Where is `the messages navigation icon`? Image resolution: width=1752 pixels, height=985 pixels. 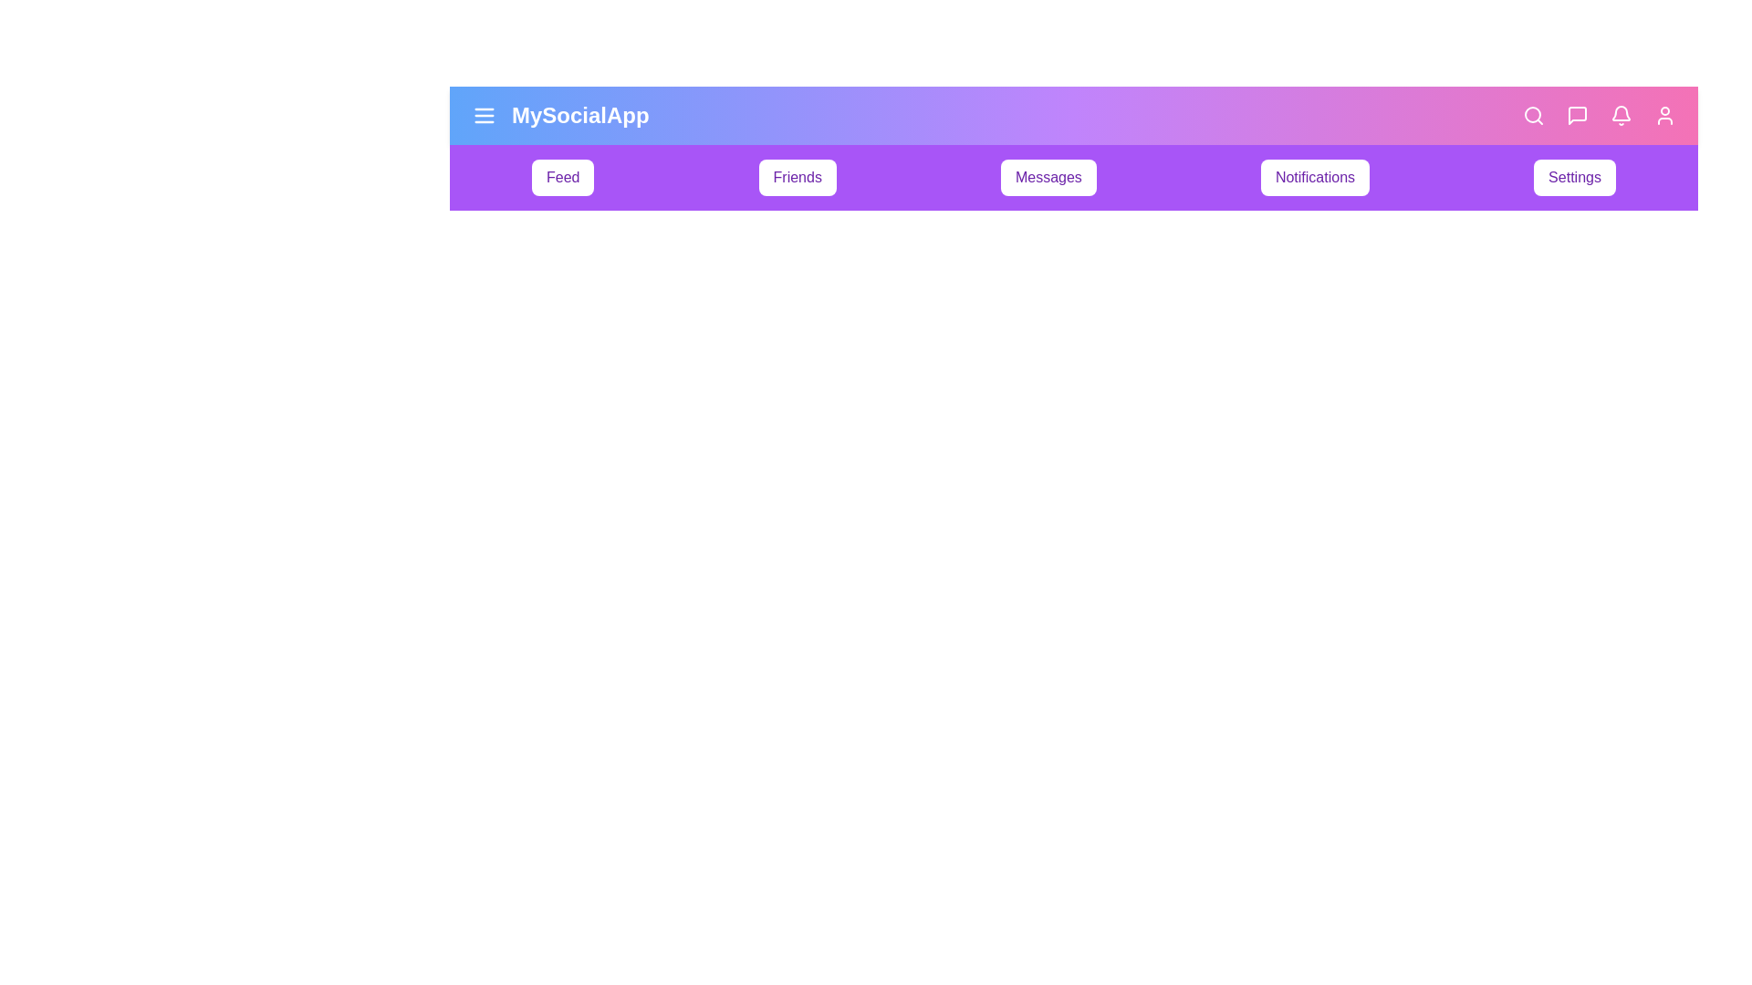 the messages navigation icon is located at coordinates (1576, 116).